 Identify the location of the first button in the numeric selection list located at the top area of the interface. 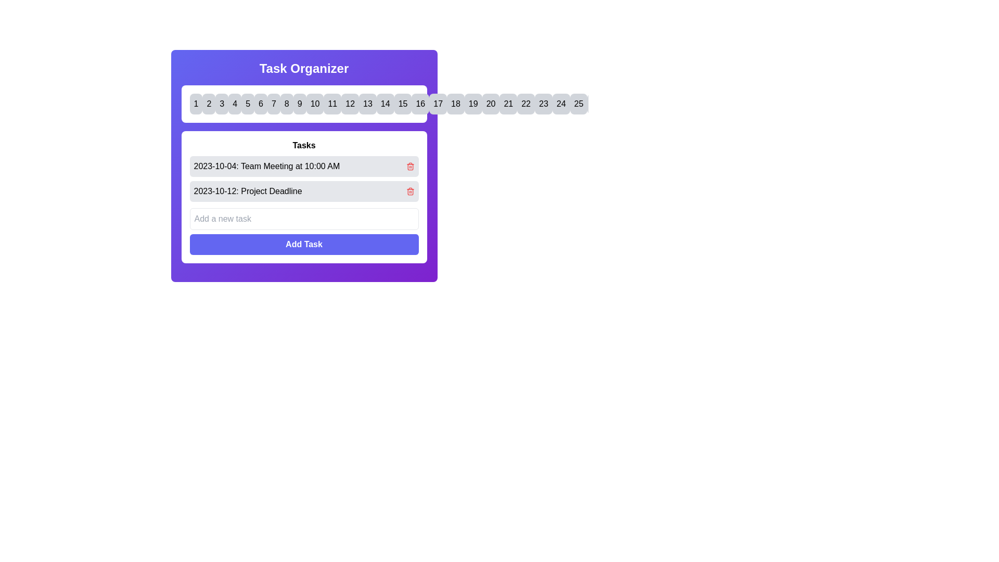
(196, 104).